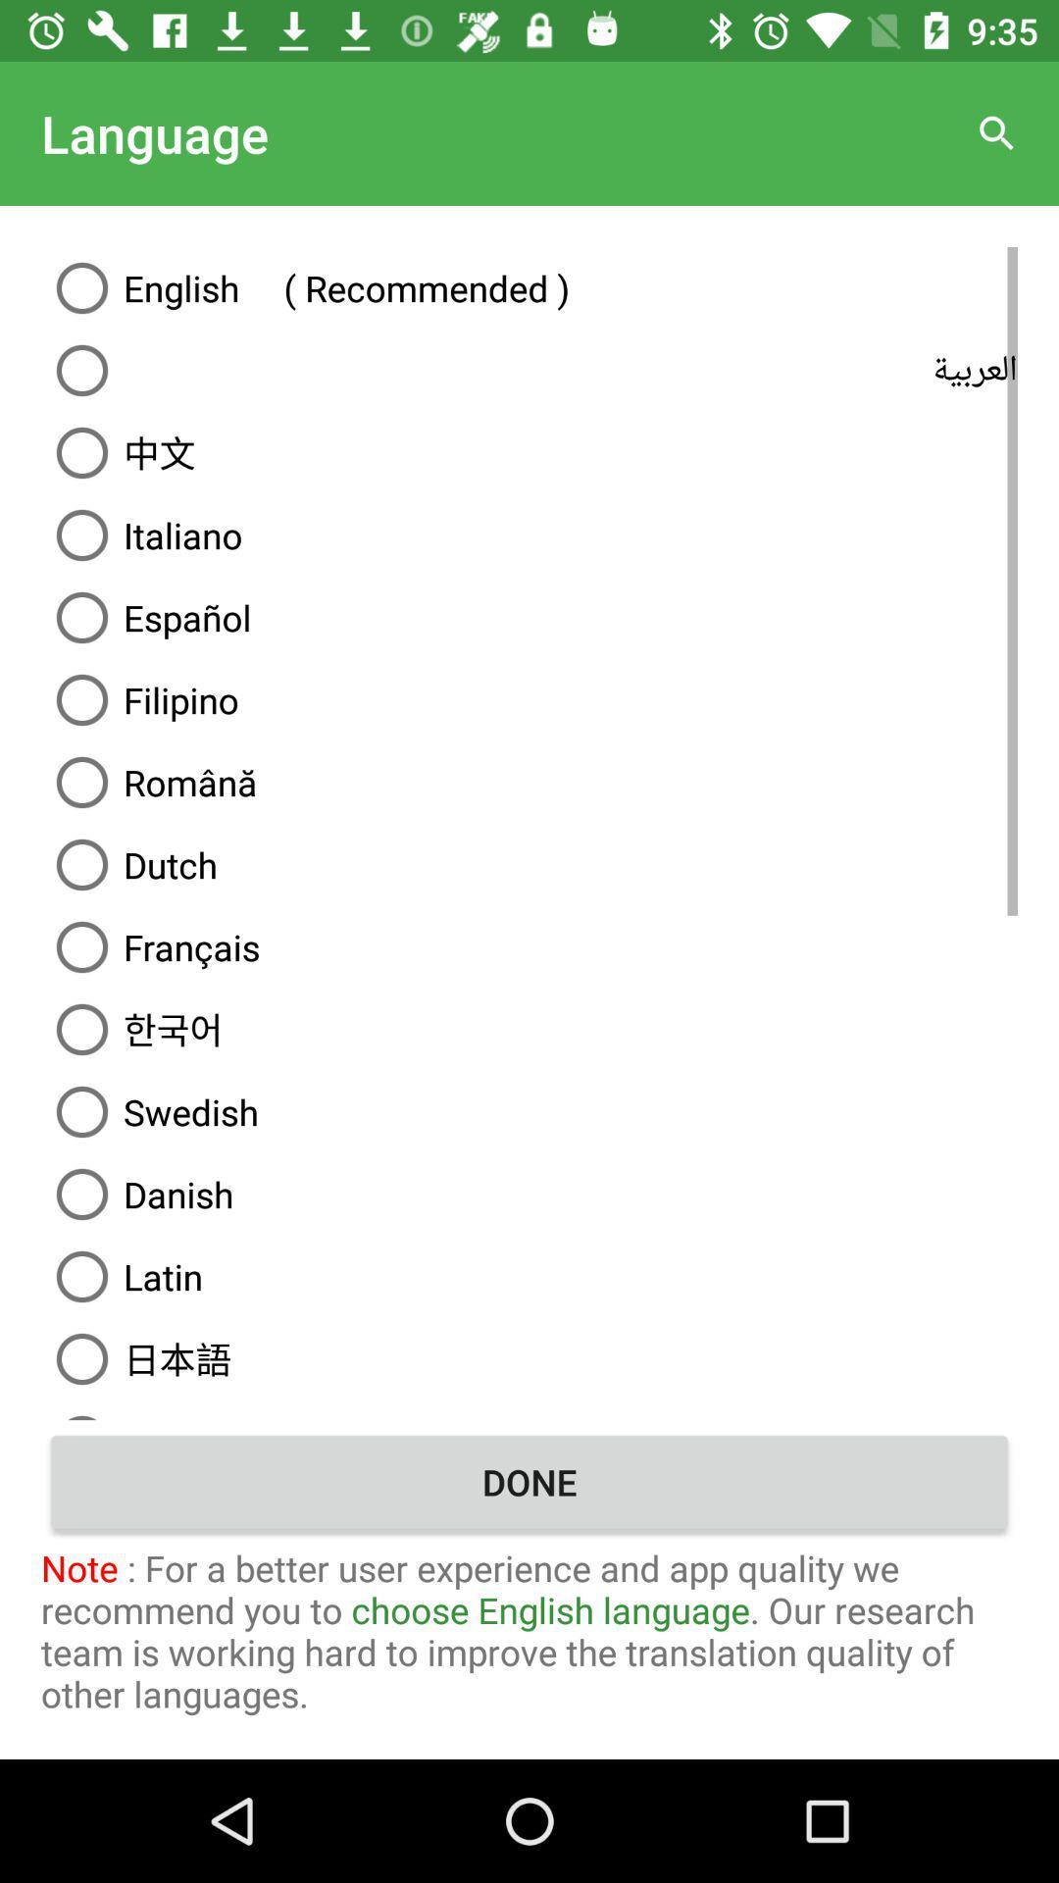  Describe the element at coordinates (529, 700) in the screenshot. I see `the filipino icon` at that location.